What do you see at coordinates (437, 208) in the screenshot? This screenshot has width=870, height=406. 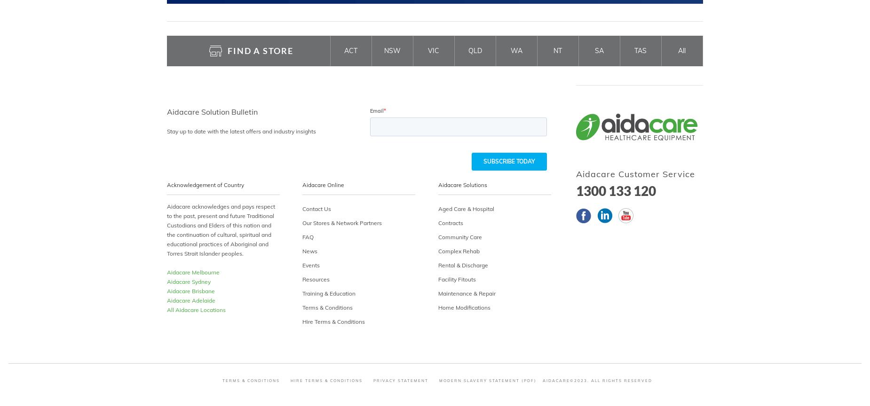 I see `'Aged Care & Hospital'` at bounding box center [437, 208].